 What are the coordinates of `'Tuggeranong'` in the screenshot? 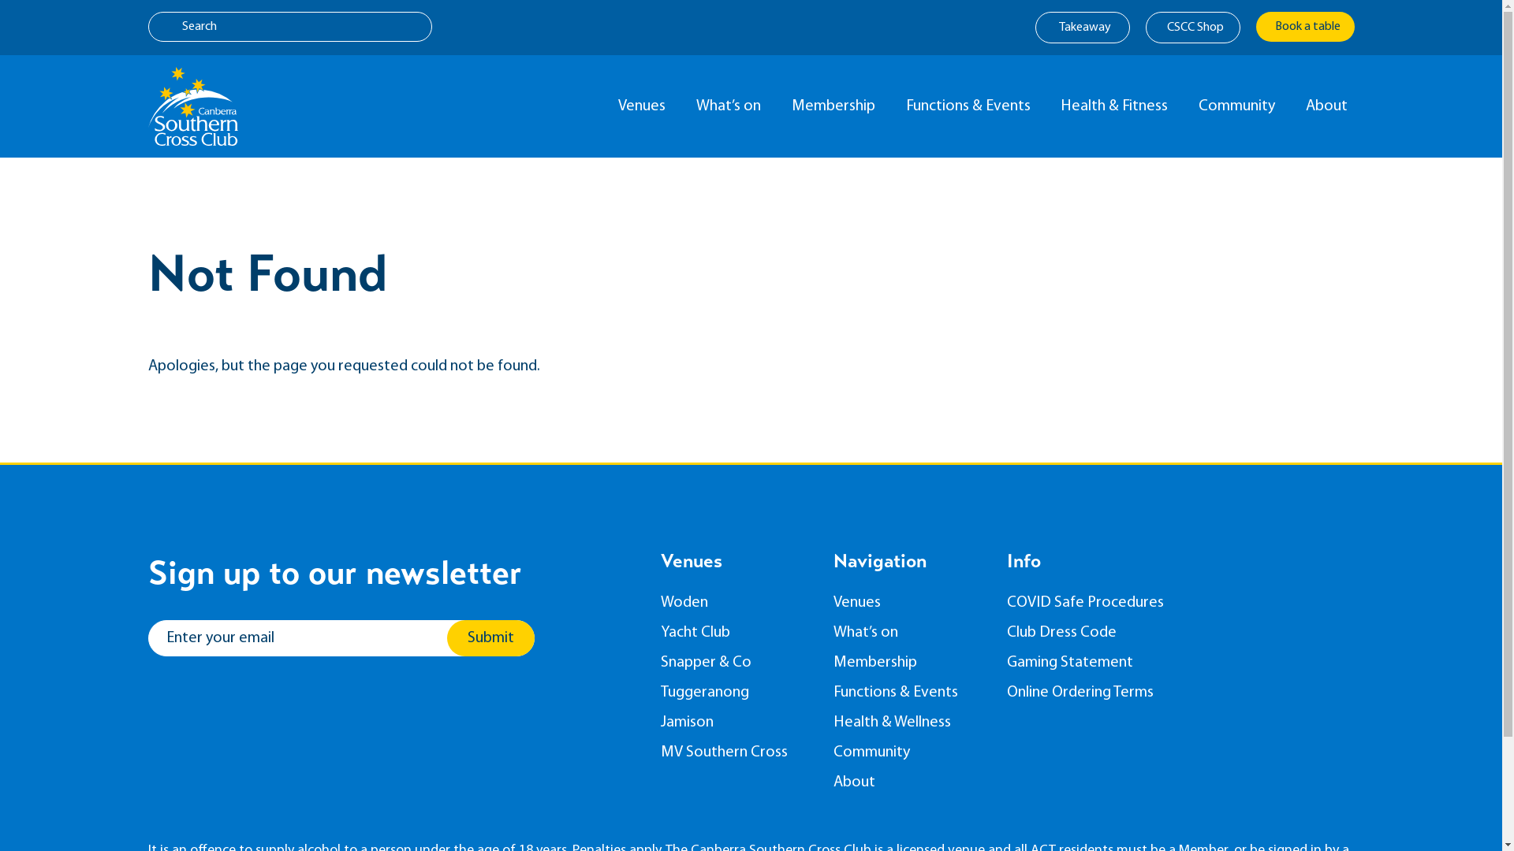 It's located at (734, 692).